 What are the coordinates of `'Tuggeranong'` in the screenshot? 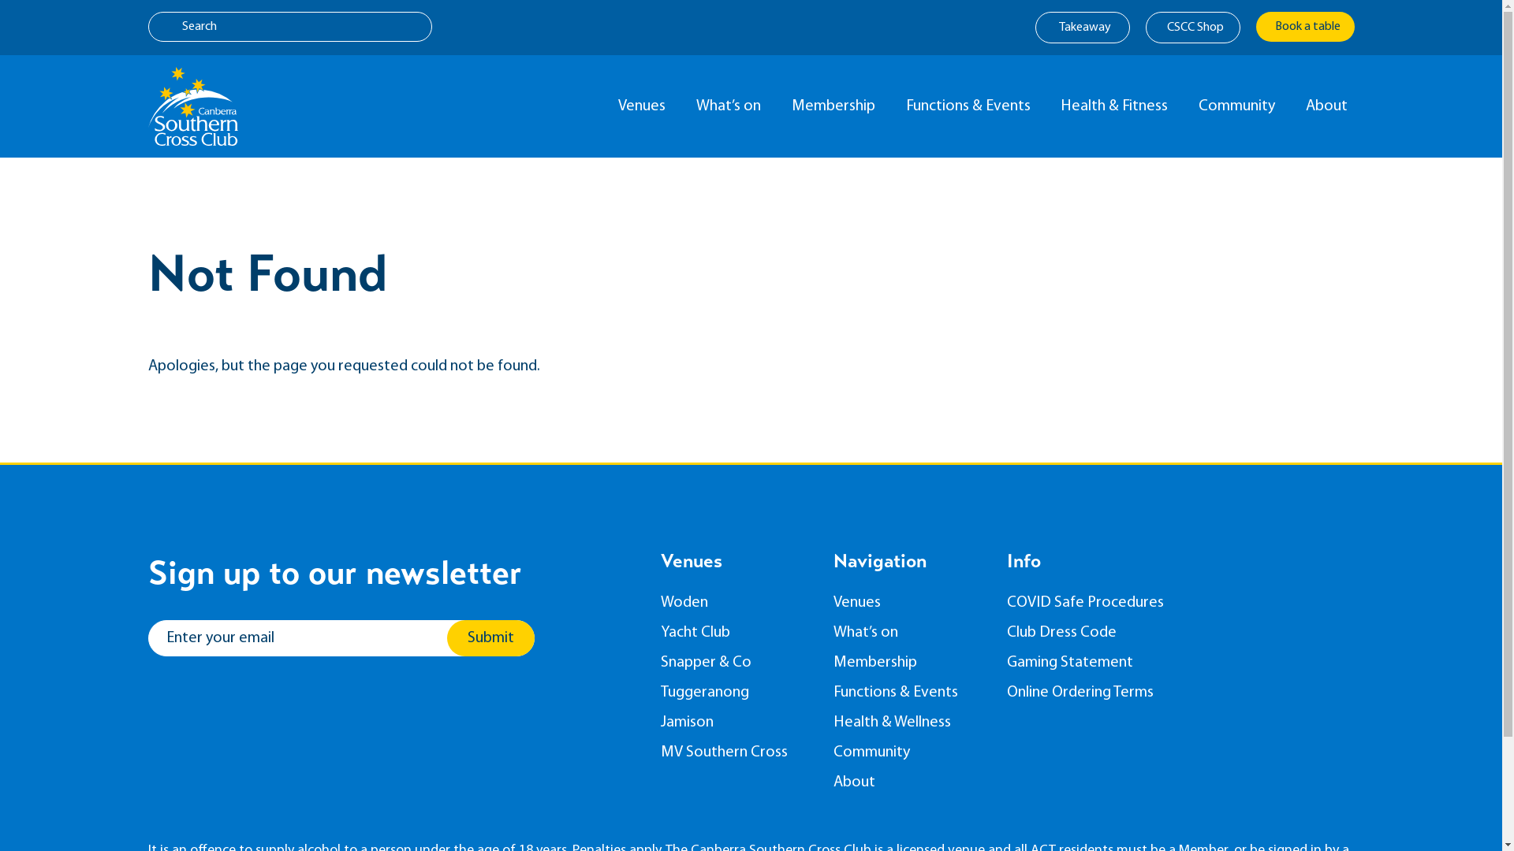 It's located at (734, 692).